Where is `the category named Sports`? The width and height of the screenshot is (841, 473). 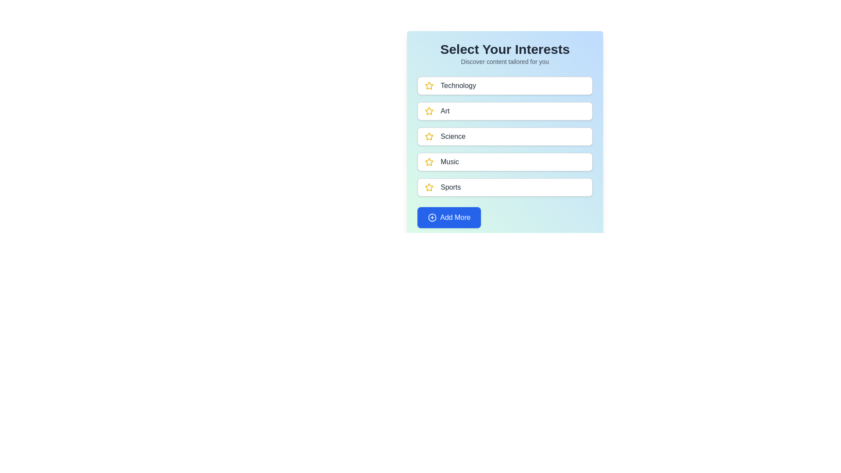 the category named Sports is located at coordinates (505, 187).